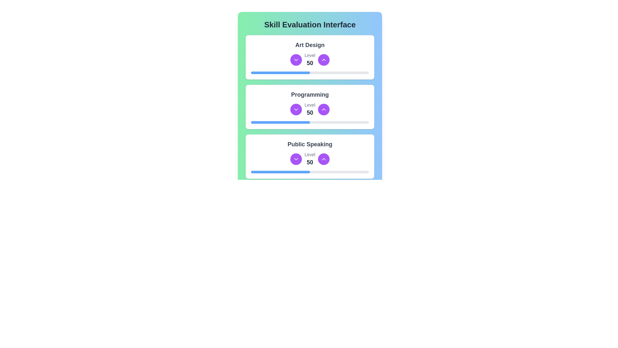 The height and width of the screenshot is (348, 618). What do you see at coordinates (310, 159) in the screenshot?
I see `the non-interactive text display that shows the user's public speaking skill level, located in the bottom card of the interface, centered between two circular buttons` at bounding box center [310, 159].